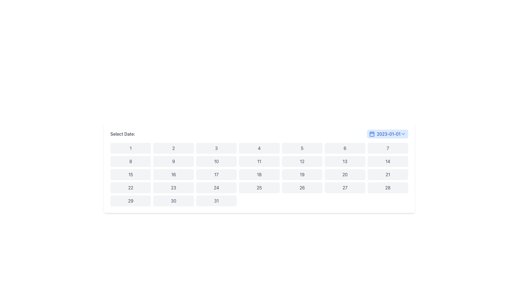 The height and width of the screenshot is (296, 526). What do you see at coordinates (216, 148) in the screenshot?
I see `the third button in the first row of the grid layout, which displays the numeral '3' in a dark gray font on a light gray background` at bounding box center [216, 148].